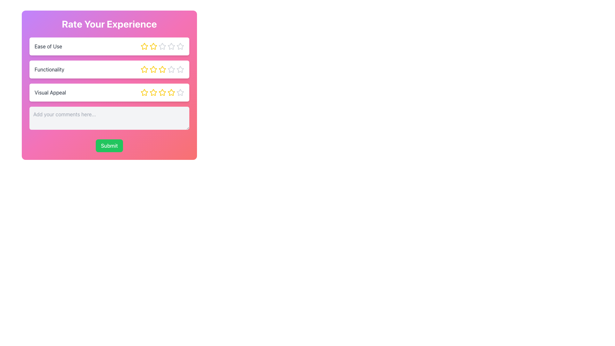 The width and height of the screenshot is (615, 346). What do you see at coordinates (180, 46) in the screenshot?
I see `the fifth star-shaped icon in the 'Ease of Use' rating row` at bounding box center [180, 46].